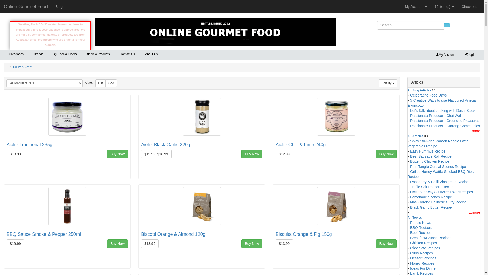 This screenshot has width=488, height=275. Describe the element at coordinates (440, 173) in the screenshot. I see `'Grilled Honey-Wattle Smoked BBQ Ribs Recipe'` at that location.